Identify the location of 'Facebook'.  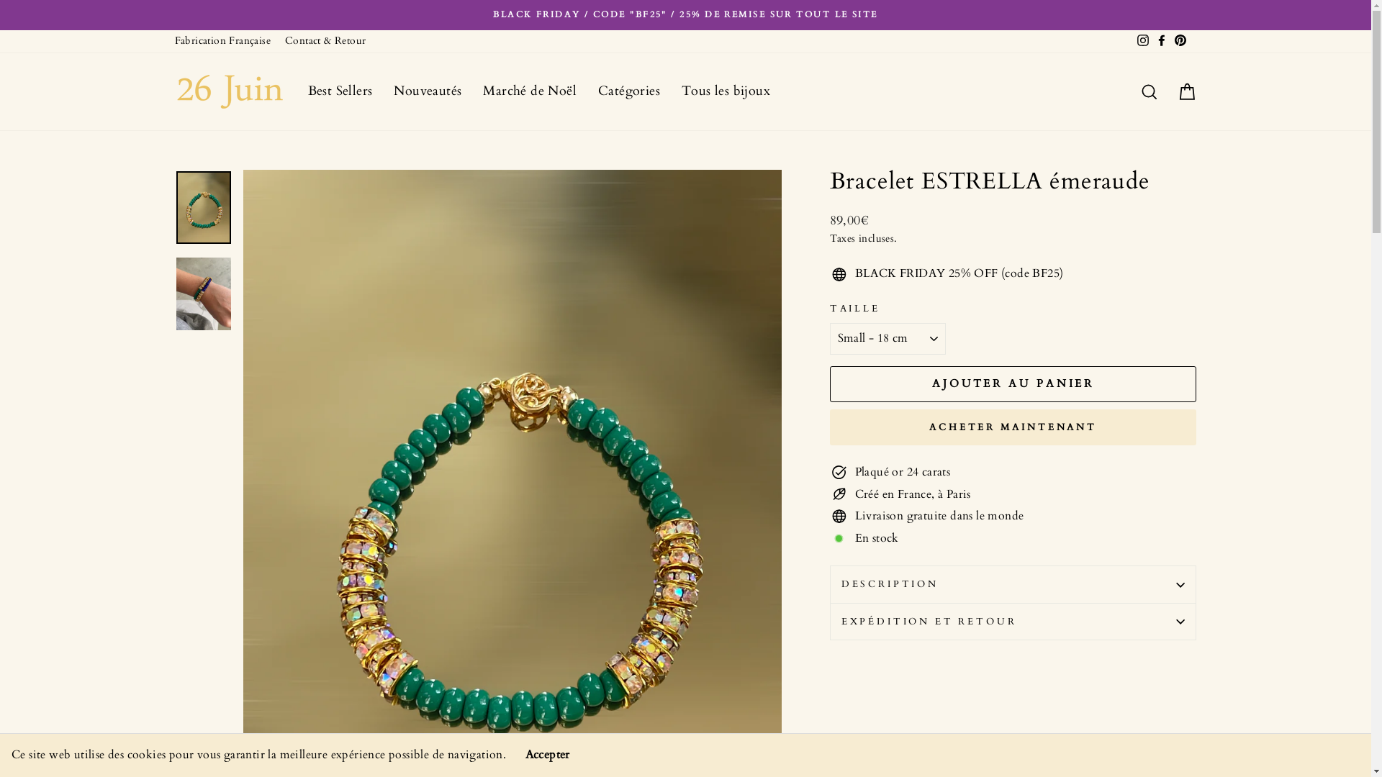
(1160, 40).